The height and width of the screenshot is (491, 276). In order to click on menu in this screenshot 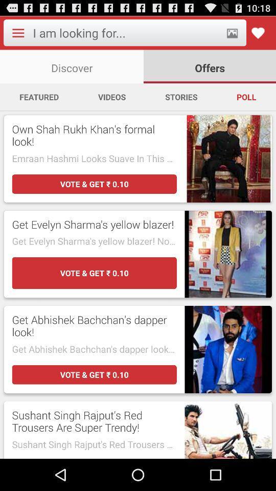, I will do `click(18, 33)`.